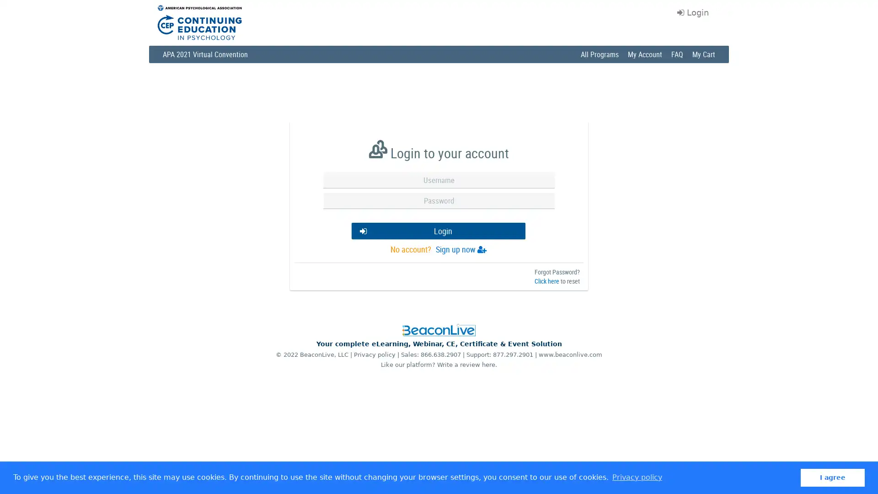 This screenshot has height=494, width=878. What do you see at coordinates (636, 477) in the screenshot?
I see `learn more about cookies` at bounding box center [636, 477].